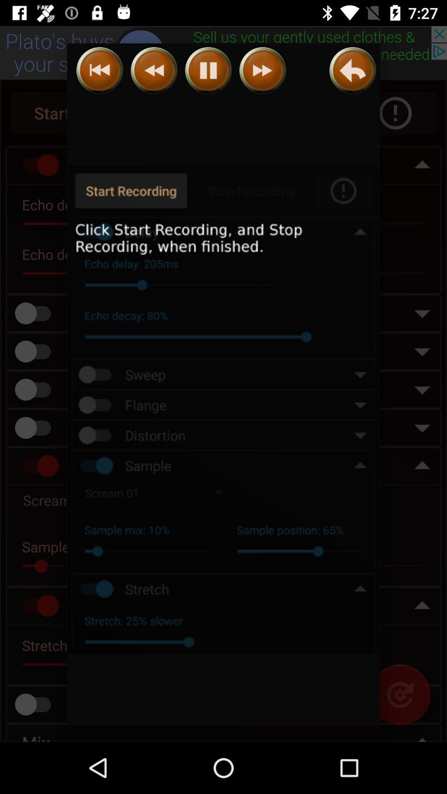 The height and width of the screenshot is (794, 447). I want to click on go back, so click(154, 70).